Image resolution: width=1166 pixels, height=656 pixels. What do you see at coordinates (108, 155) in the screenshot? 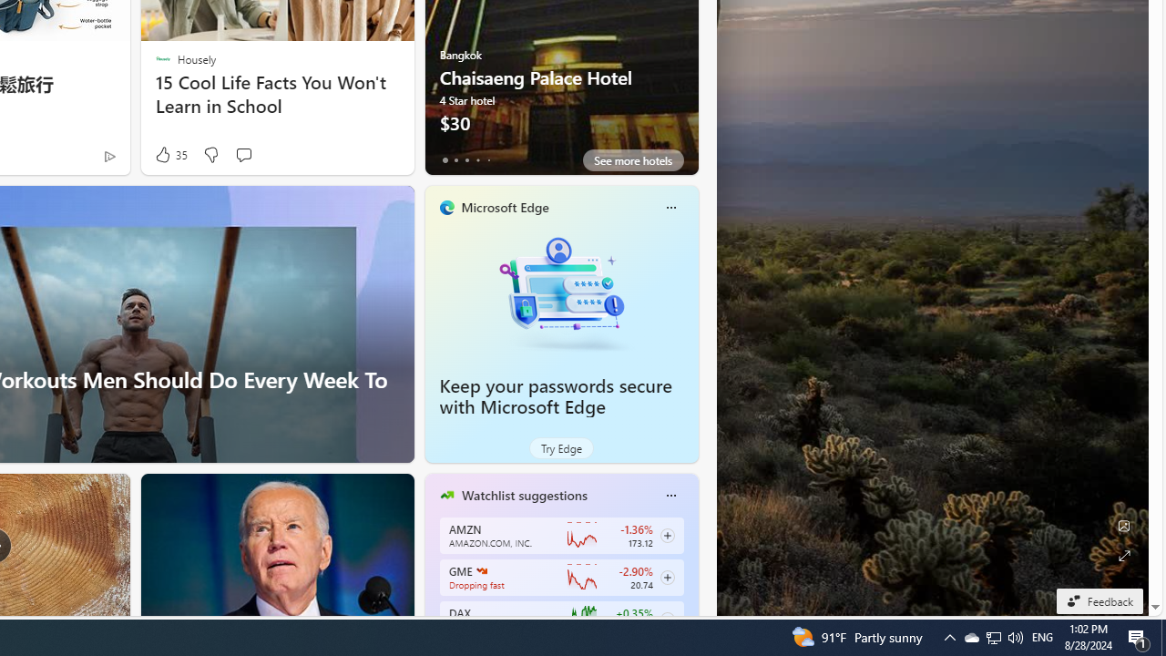
I see `'Ad Choice'` at bounding box center [108, 155].